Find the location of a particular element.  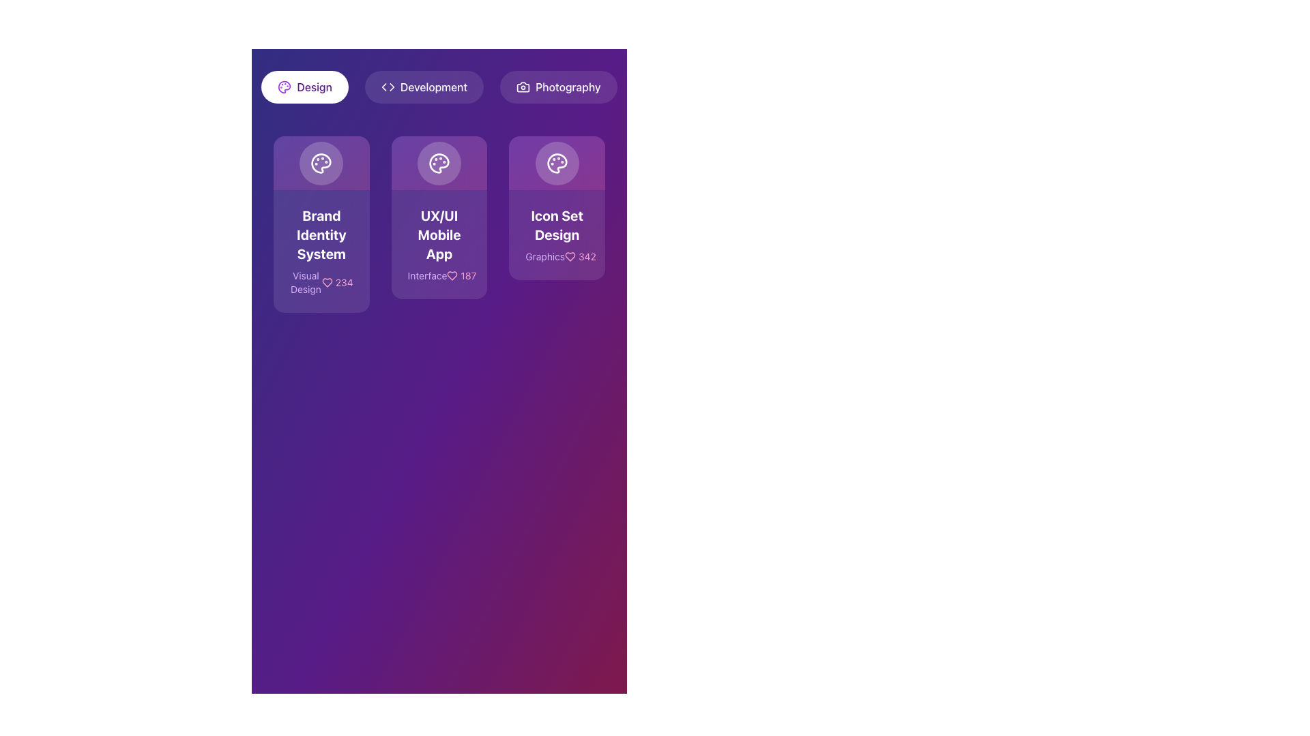

the Text label displaying '187' in pink with a heart-shaped icon, located in the second card from the left, near the bottom-right corner below the title 'Interface' is located at coordinates (461, 276).